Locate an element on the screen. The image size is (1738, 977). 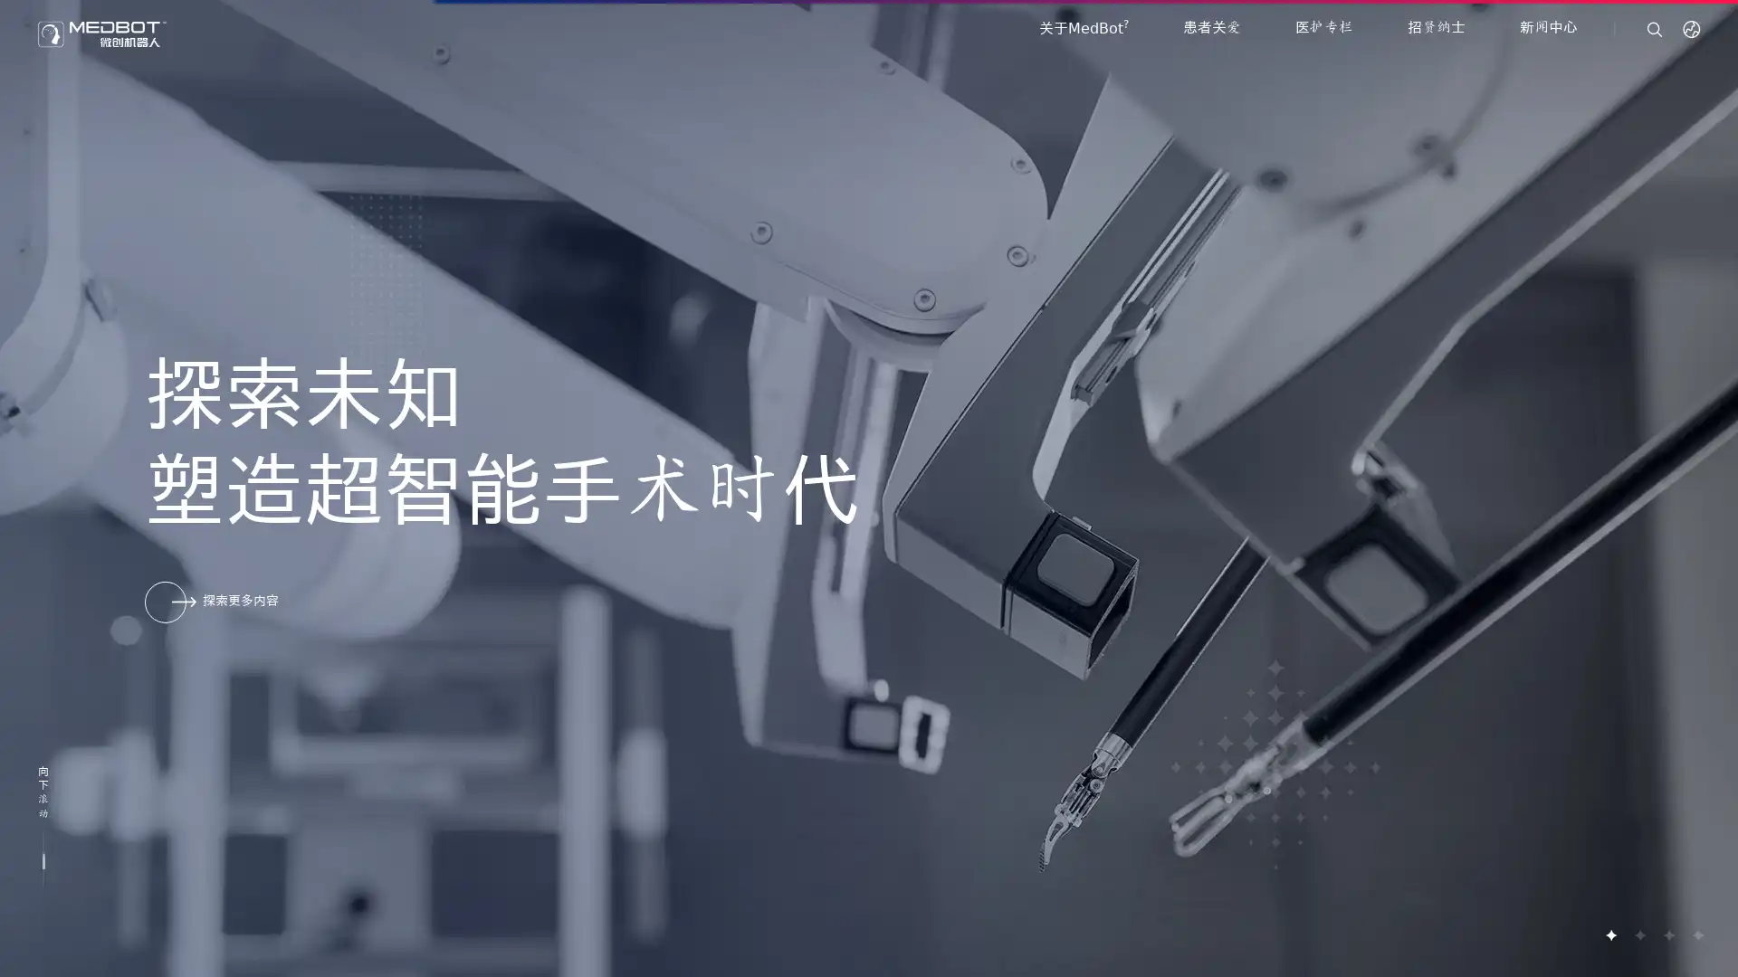
Go to slide 4 is located at coordinates (1696, 934).